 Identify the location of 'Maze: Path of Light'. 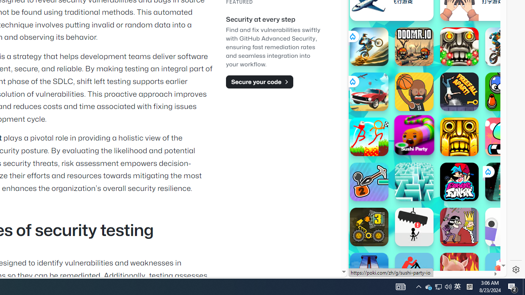
(414, 181).